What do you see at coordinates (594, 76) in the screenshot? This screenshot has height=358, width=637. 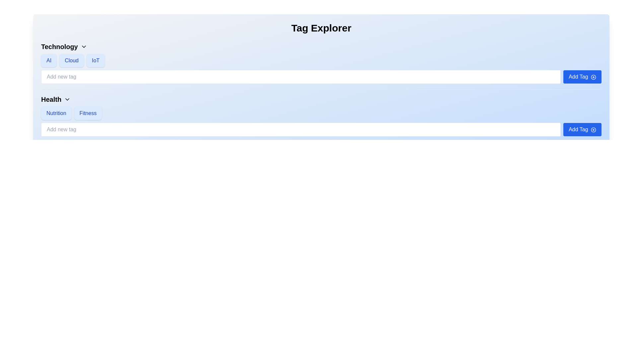 I see `the 'Add Tag' icon, which is a circle outline with a plus sign in the center, located in the Technology group` at bounding box center [594, 76].